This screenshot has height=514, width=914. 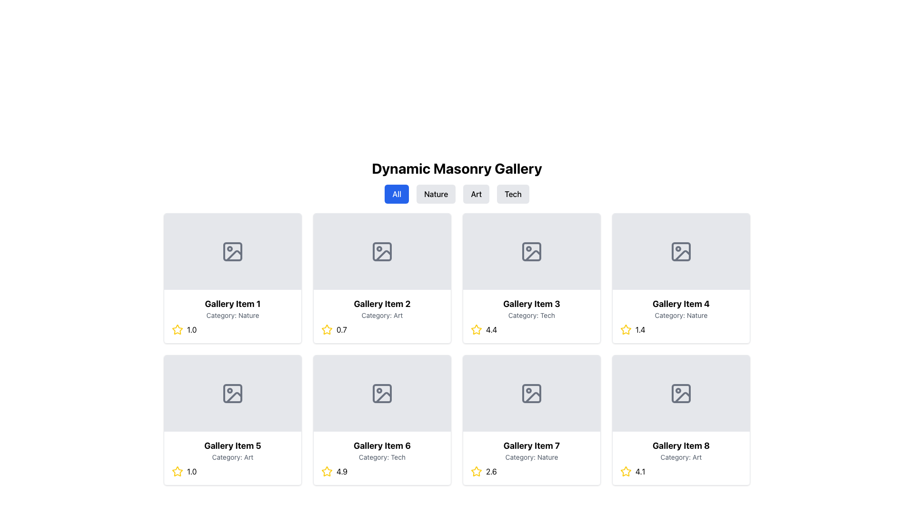 What do you see at coordinates (531, 251) in the screenshot?
I see `decorative rectangle located in the top-left corner of the 'Gallery Item 3' icon, which has rounded corners and resembles an image placeholder` at bounding box center [531, 251].